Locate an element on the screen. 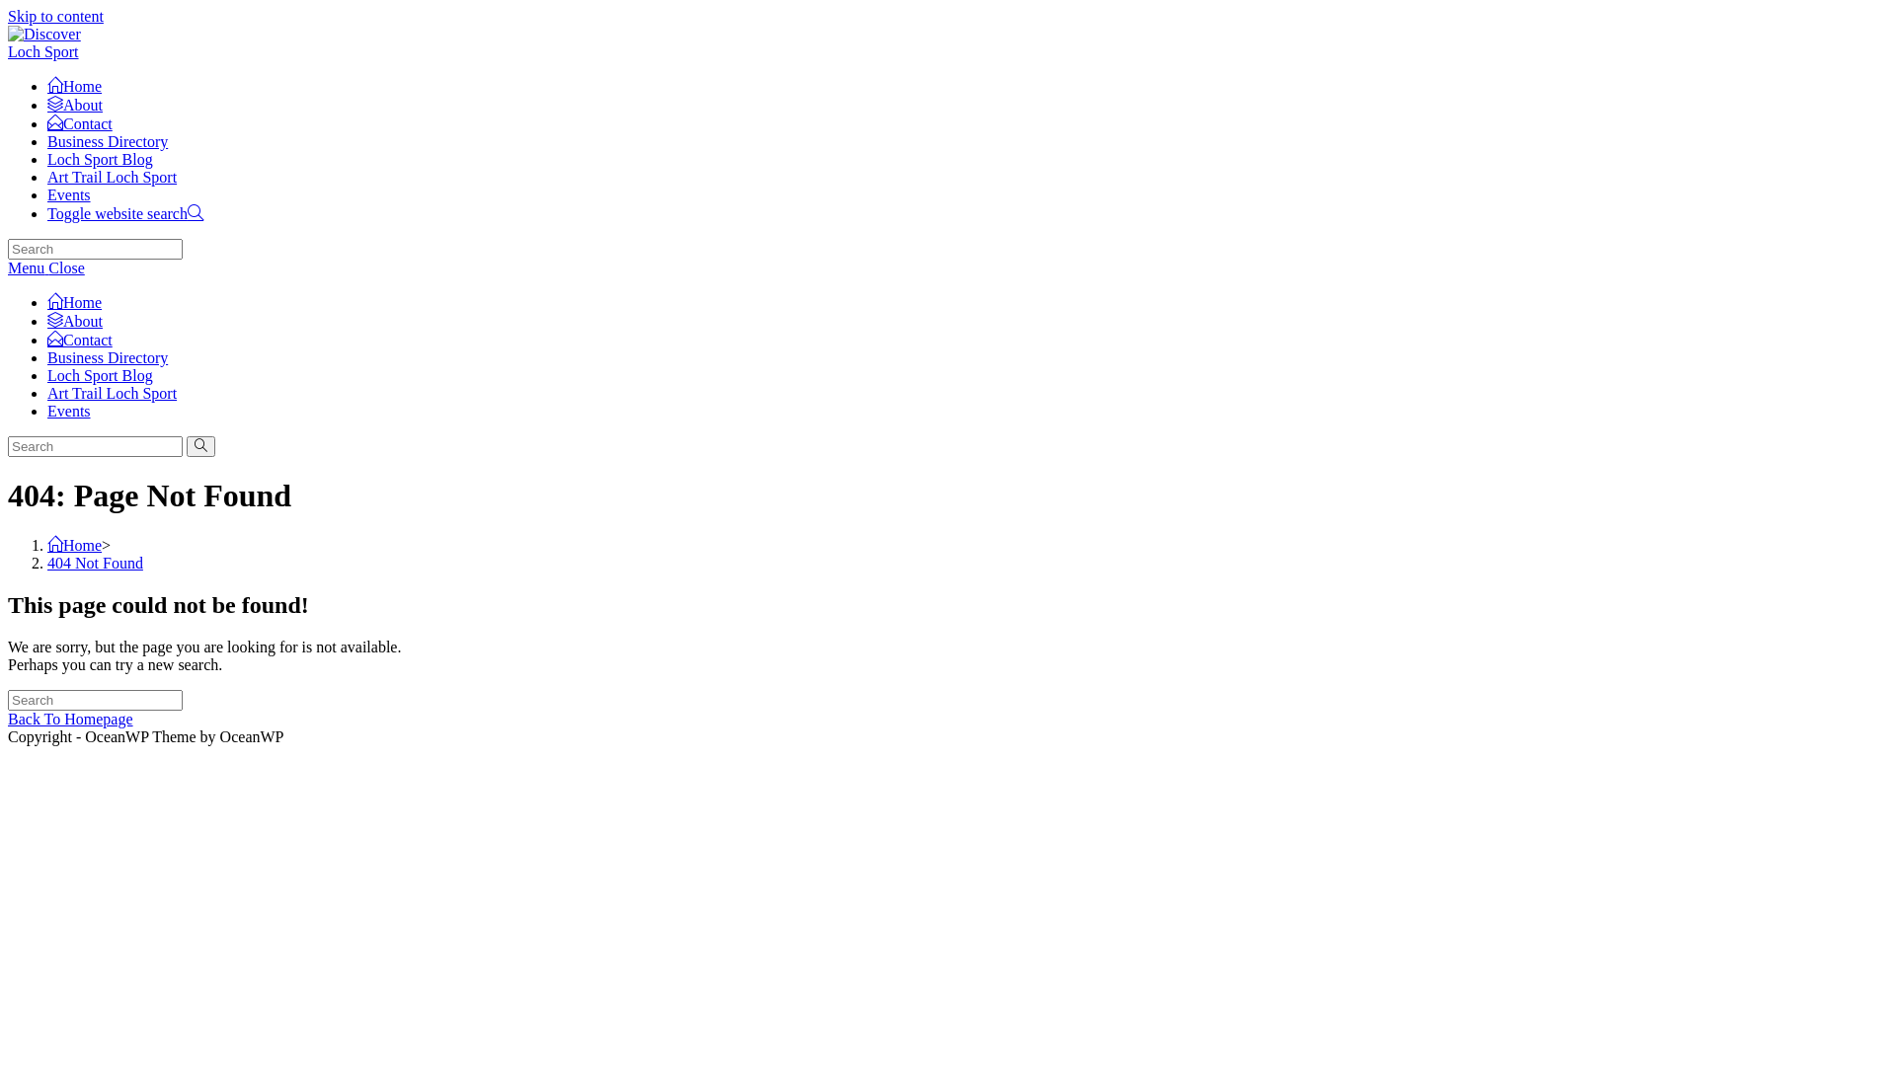 This screenshot has width=1896, height=1066. 'Skip to content' is located at coordinates (55, 16).